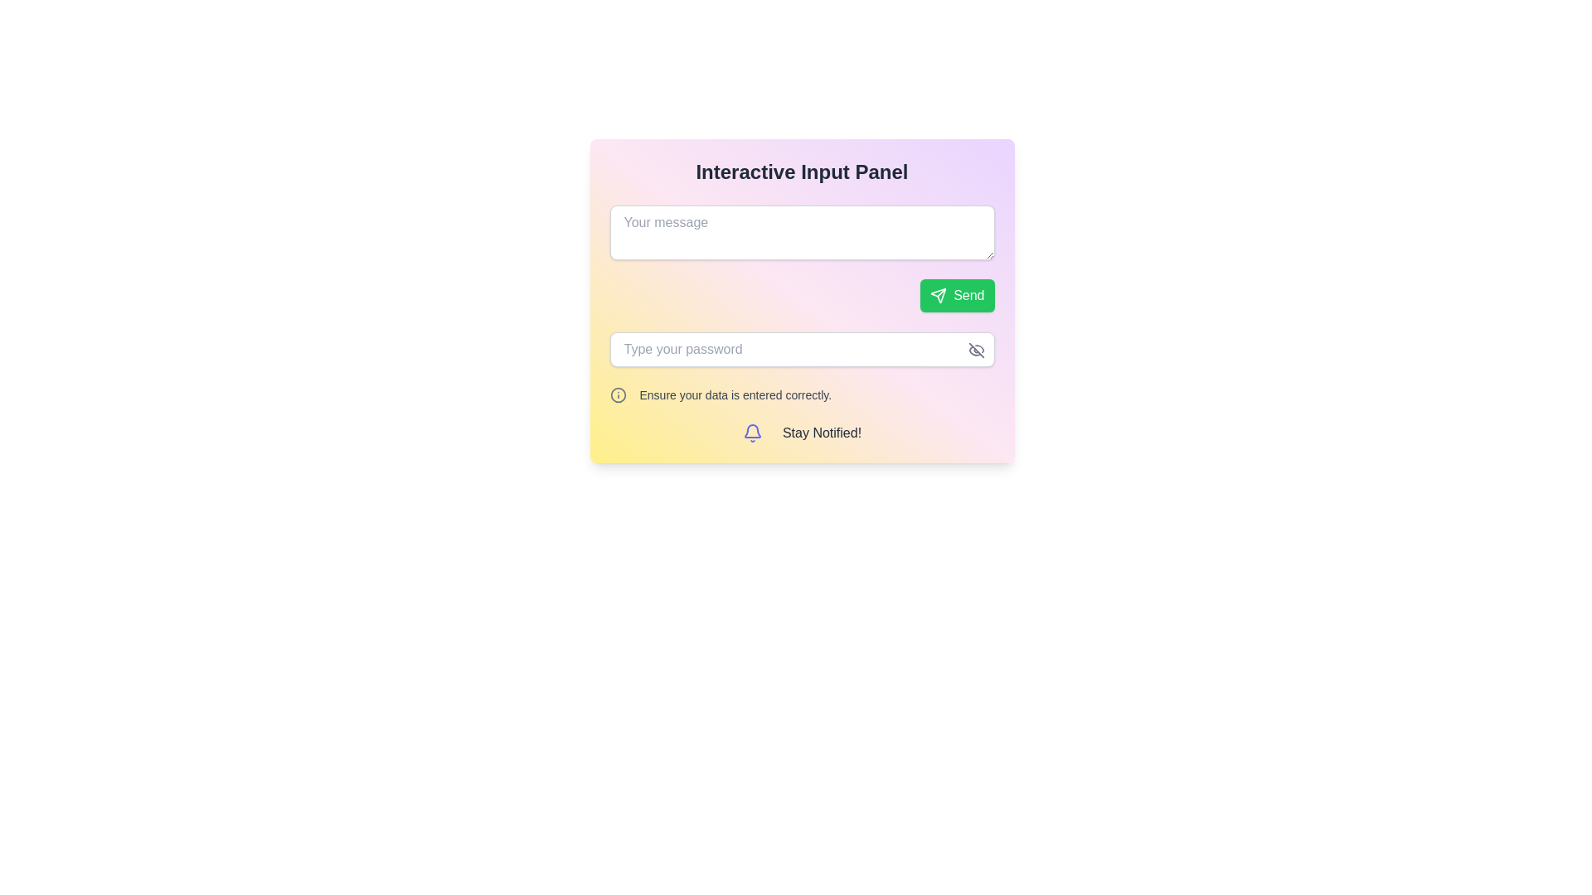 The width and height of the screenshot is (1592, 895). What do you see at coordinates (957, 295) in the screenshot?
I see `the 'Send' button with a green background featuring a white paper plane icon and the text 'Send'` at bounding box center [957, 295].